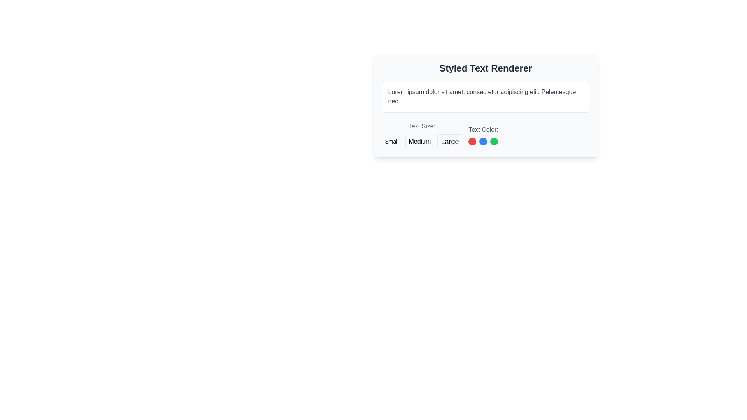 This screenshot has width=747, height=420. What do you see at coordinates (483, 141) in the screenshot?
I see `the second circular button with a blue background` at bounding box center [483, 141].